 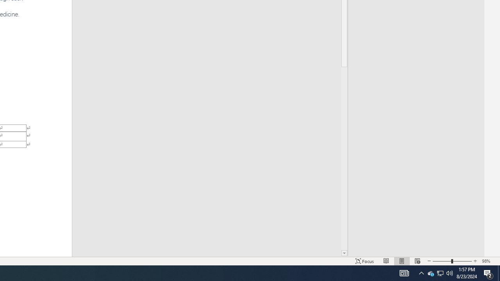 I want to click on 'Zoom', so click(x=452, y=261).